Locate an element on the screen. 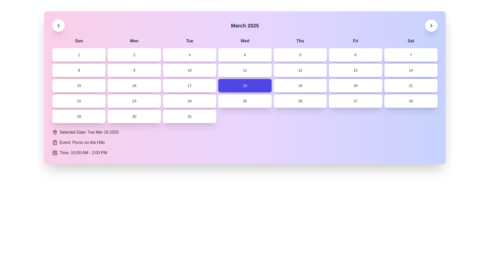 The width and height of the screenshot is (493, 277). the 'Sunday' text label in the topmost row of the calendar grid, which identifies the first day of the week is located at coordinates (79, 41).